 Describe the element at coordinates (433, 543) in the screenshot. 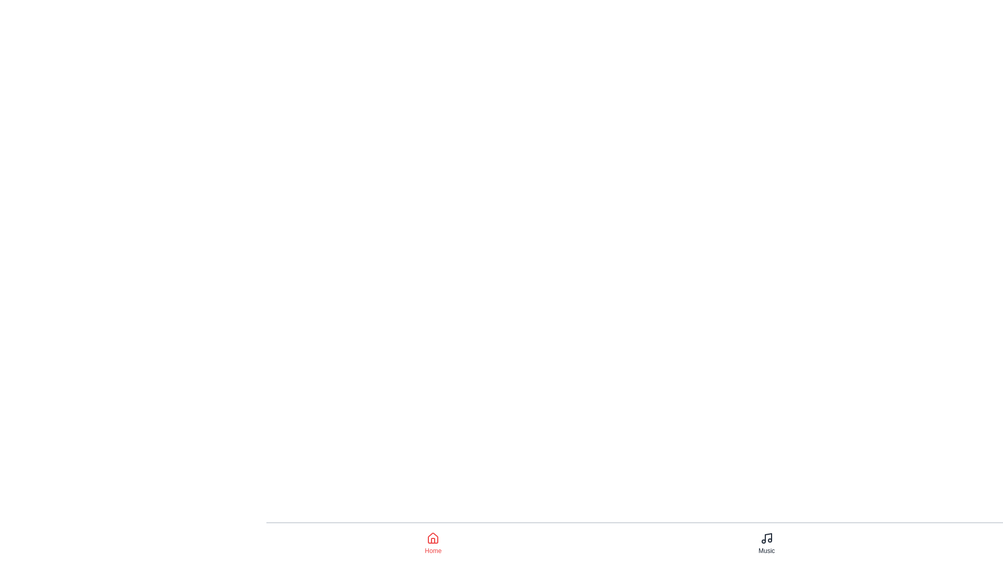

I see `the Home tab by clicking on its icon` at that location.